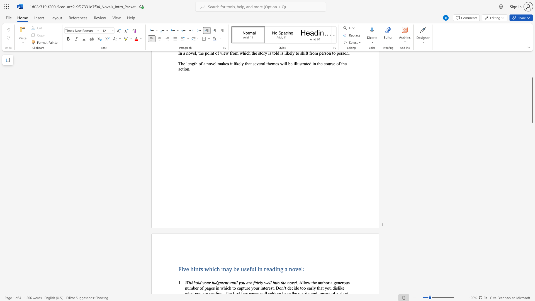 The height and width of the screenshot is (301, 535). What do you see at coordinates (532, 69) in the screenshot?
I see `the scrollbar` at bounding box center [532, 69].